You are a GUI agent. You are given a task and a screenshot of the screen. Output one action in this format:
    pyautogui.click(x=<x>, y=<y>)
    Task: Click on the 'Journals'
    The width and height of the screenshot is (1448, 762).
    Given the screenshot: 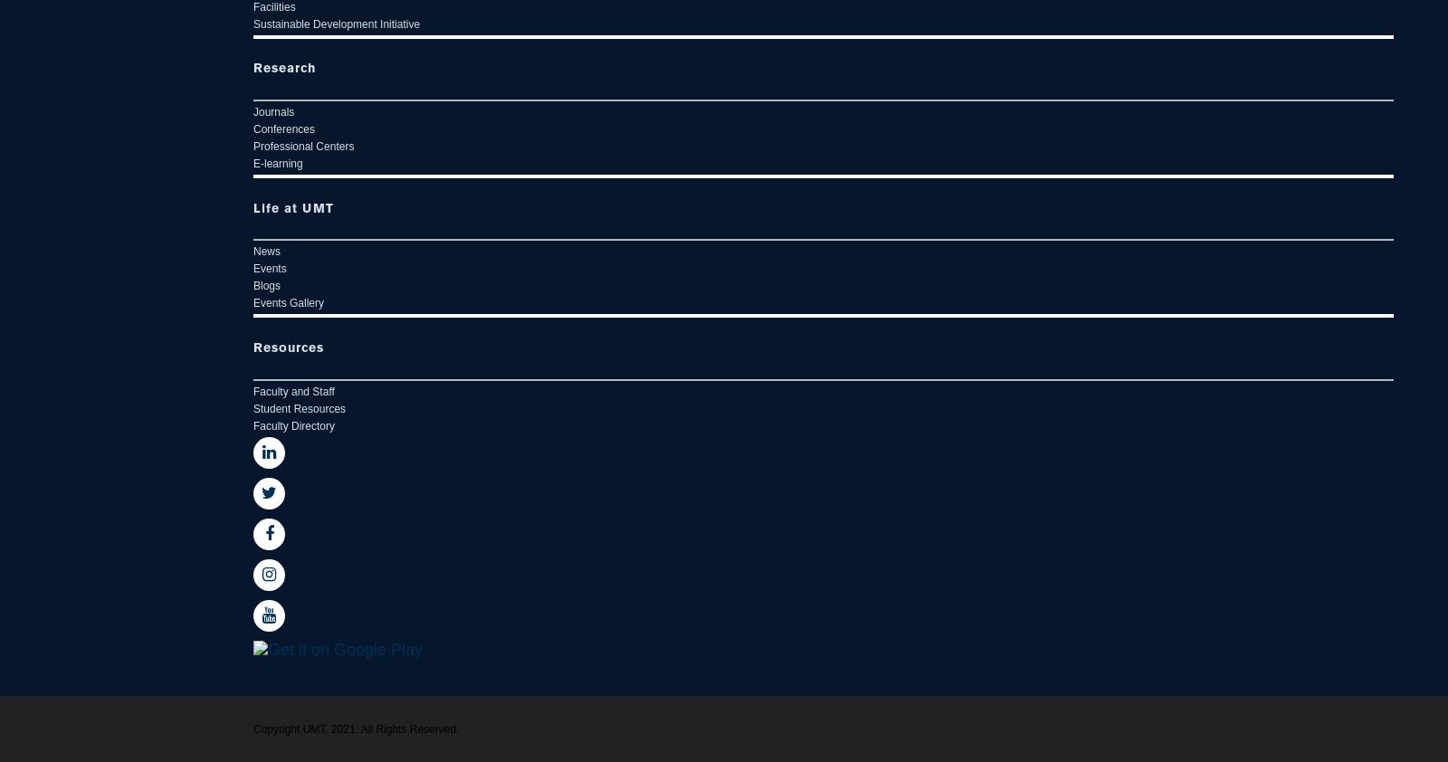 What is the action you would take?
    pyautogui.click(x=253, y=111)
    